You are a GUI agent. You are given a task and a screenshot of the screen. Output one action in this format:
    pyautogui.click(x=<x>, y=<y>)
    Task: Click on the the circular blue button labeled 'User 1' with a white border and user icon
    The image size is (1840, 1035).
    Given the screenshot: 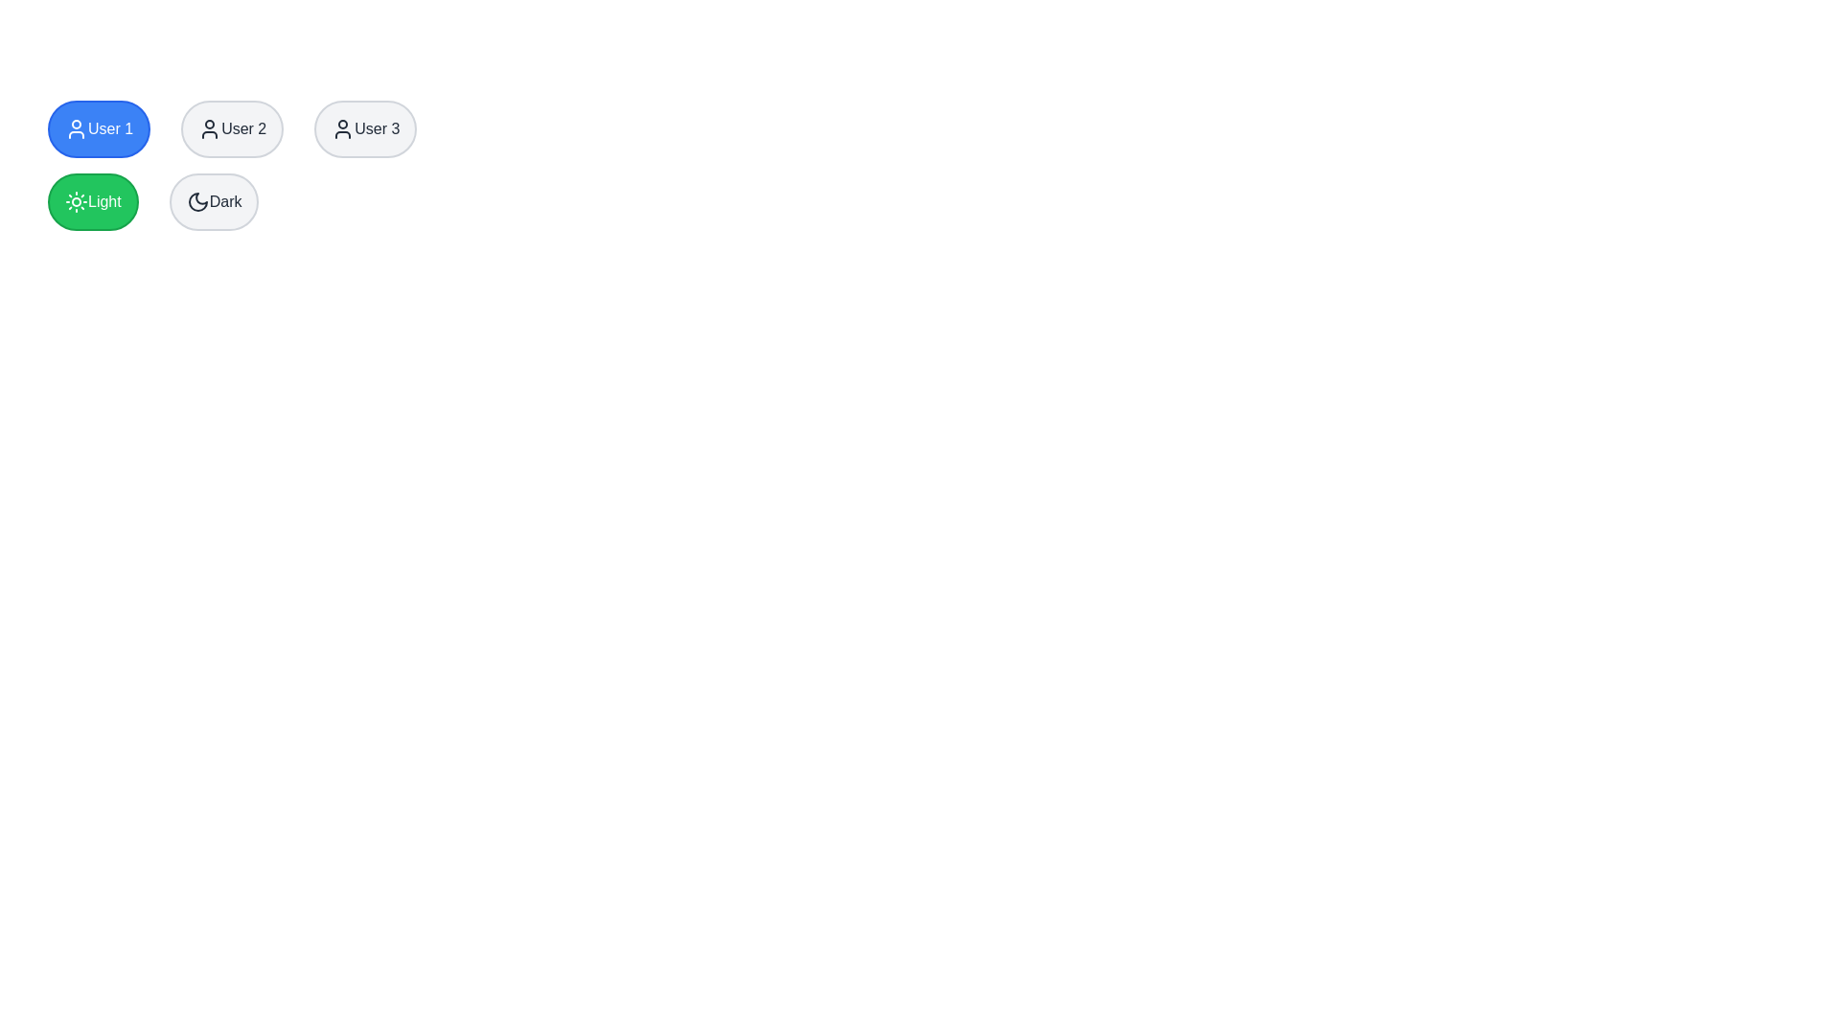 What is the action you would take?
    pyautogui.click(x=98, y=129)
    